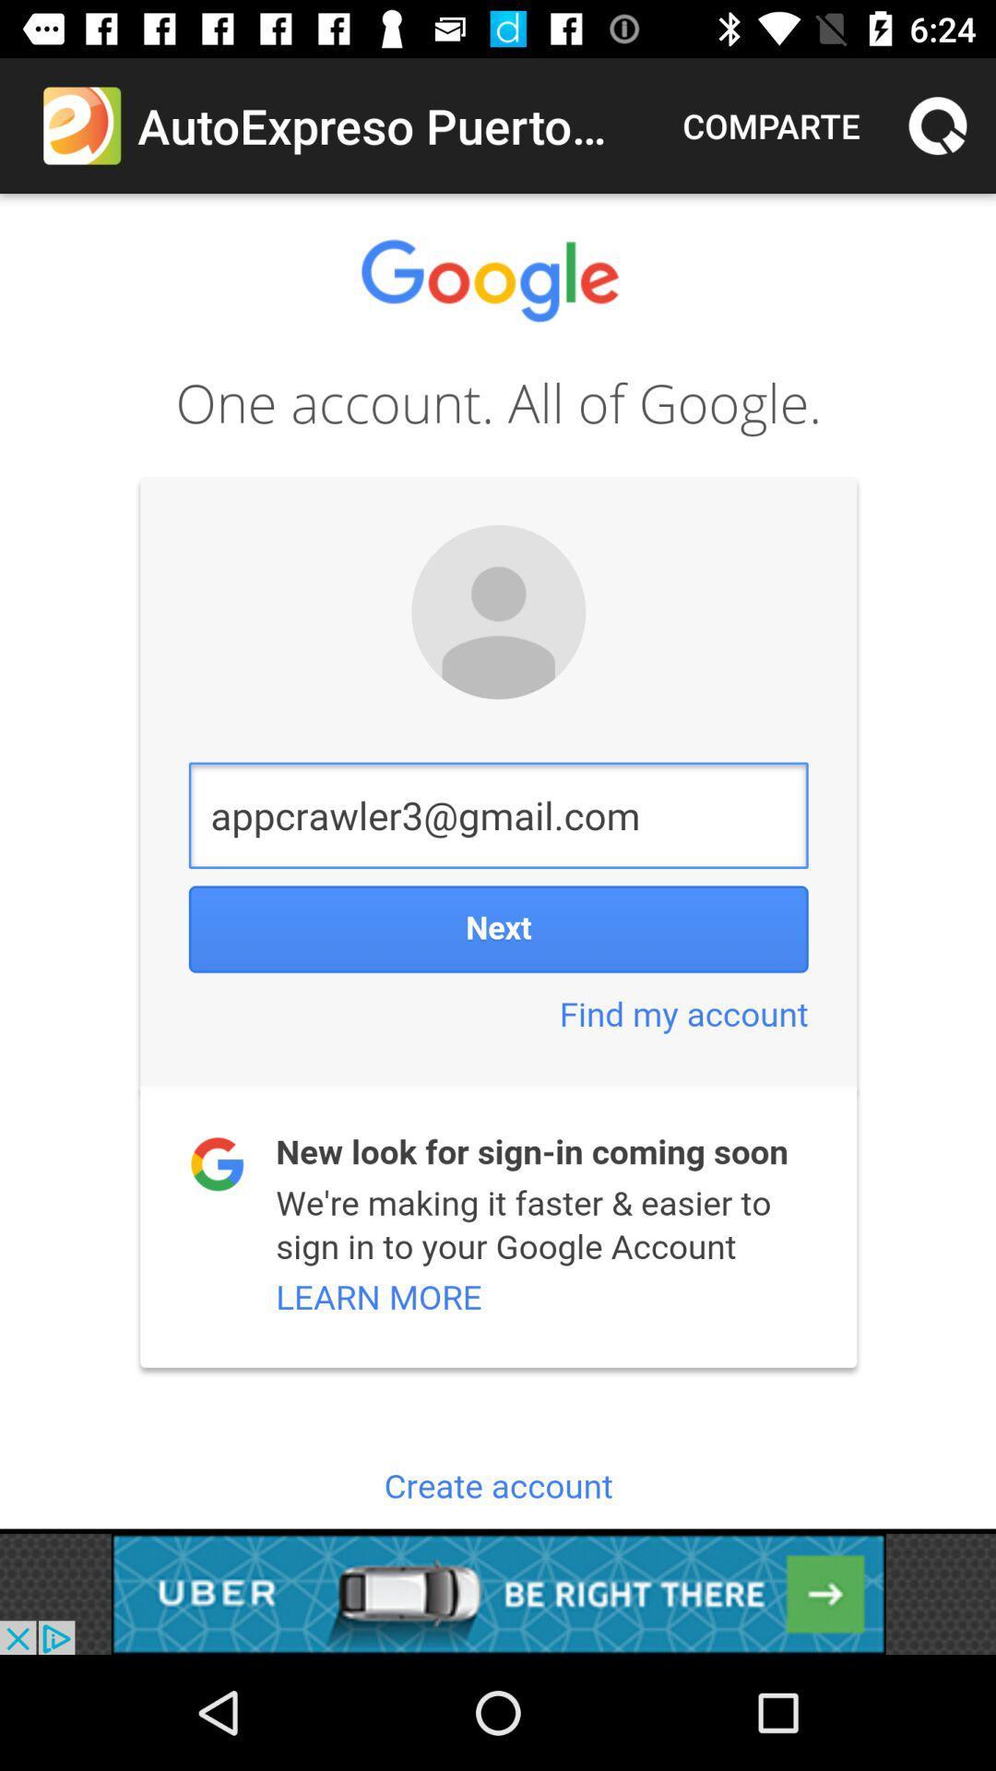 This screenshot has width=996, height=1771. I want to click on advertisement, so click(498, 1593).